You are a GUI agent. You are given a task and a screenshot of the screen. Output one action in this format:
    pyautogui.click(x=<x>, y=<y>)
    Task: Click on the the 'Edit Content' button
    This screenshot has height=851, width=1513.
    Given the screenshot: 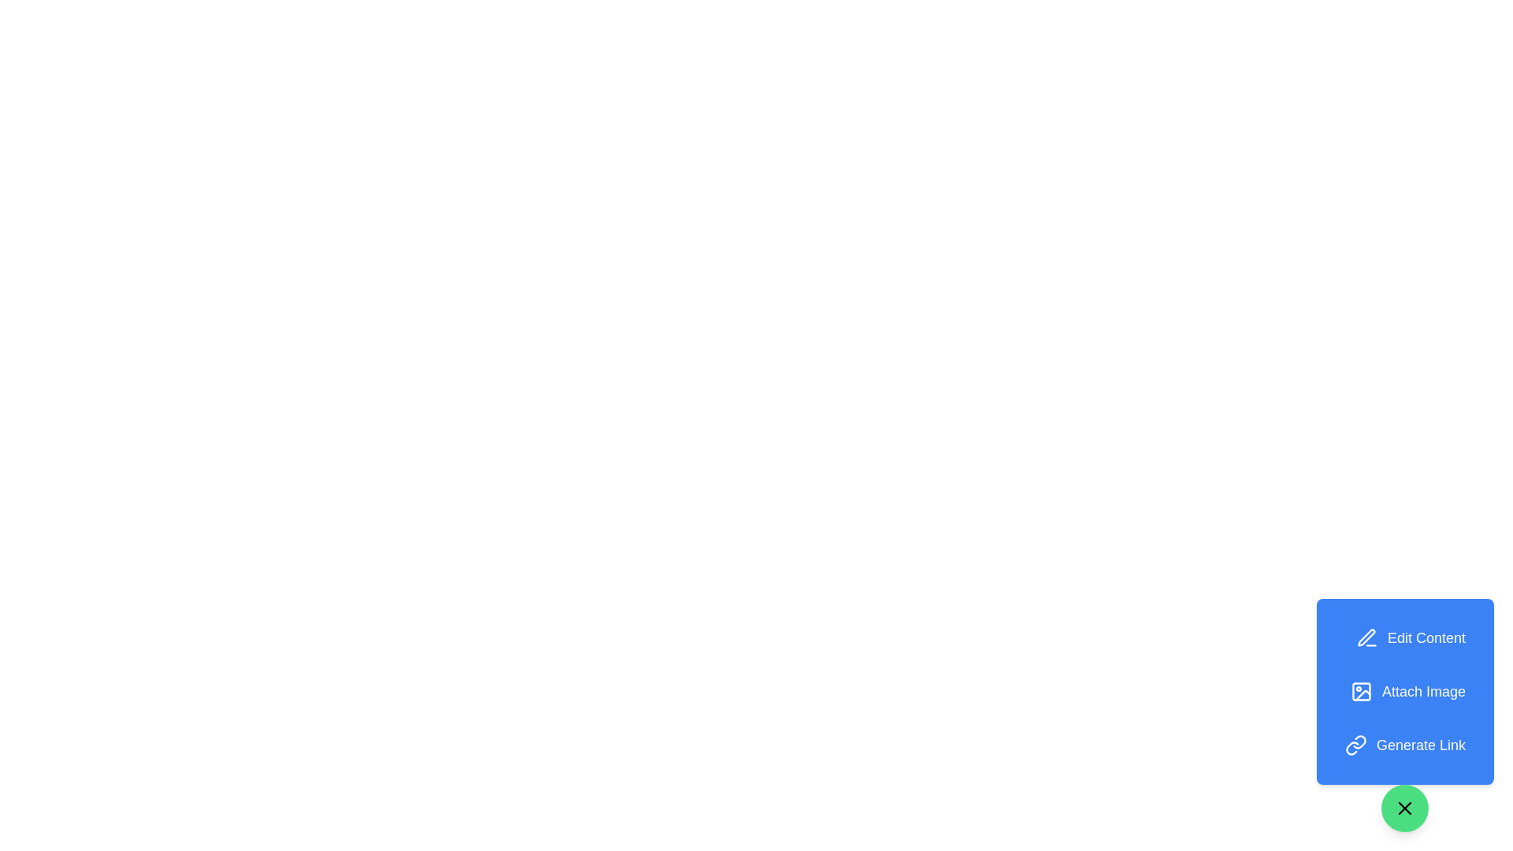 What is the action you would take?
    pyautogui.click(x=1411, y=638)
    